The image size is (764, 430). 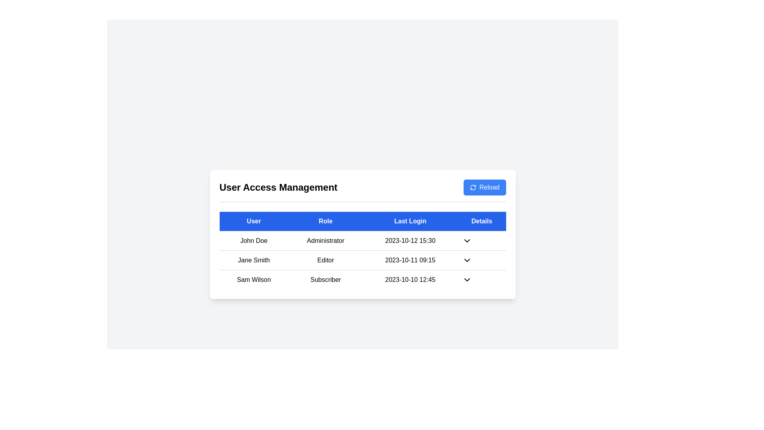 What do you see at coordinates (410, 221) in the screenshot?
I see `the table header cell that indicates the last login timestamps for users, located as the third column in the header row of the table` at bounding box center [410, 221].